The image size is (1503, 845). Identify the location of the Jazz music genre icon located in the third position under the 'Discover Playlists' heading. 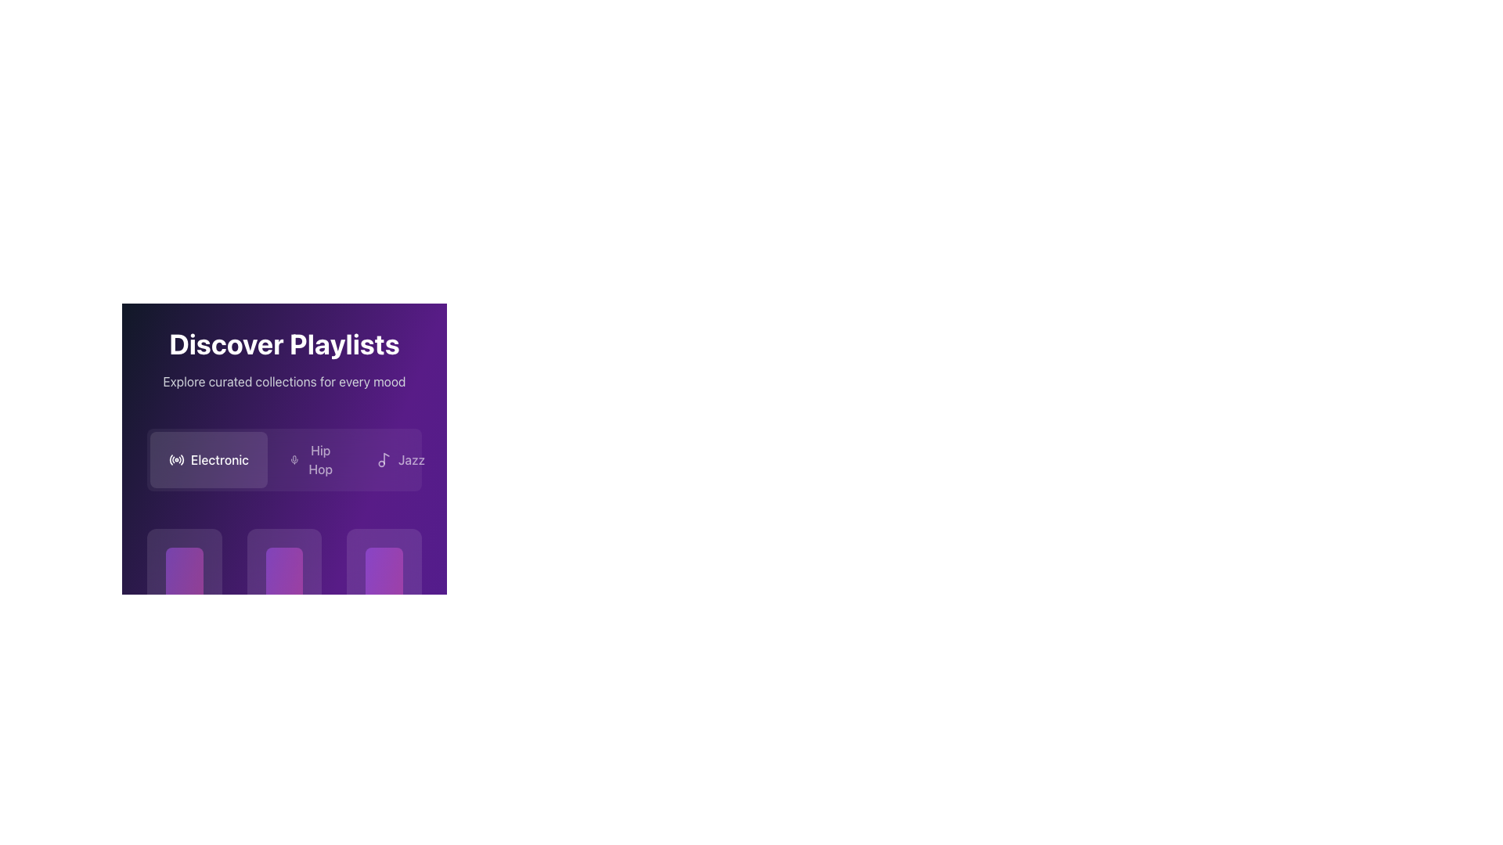
(384, 458).